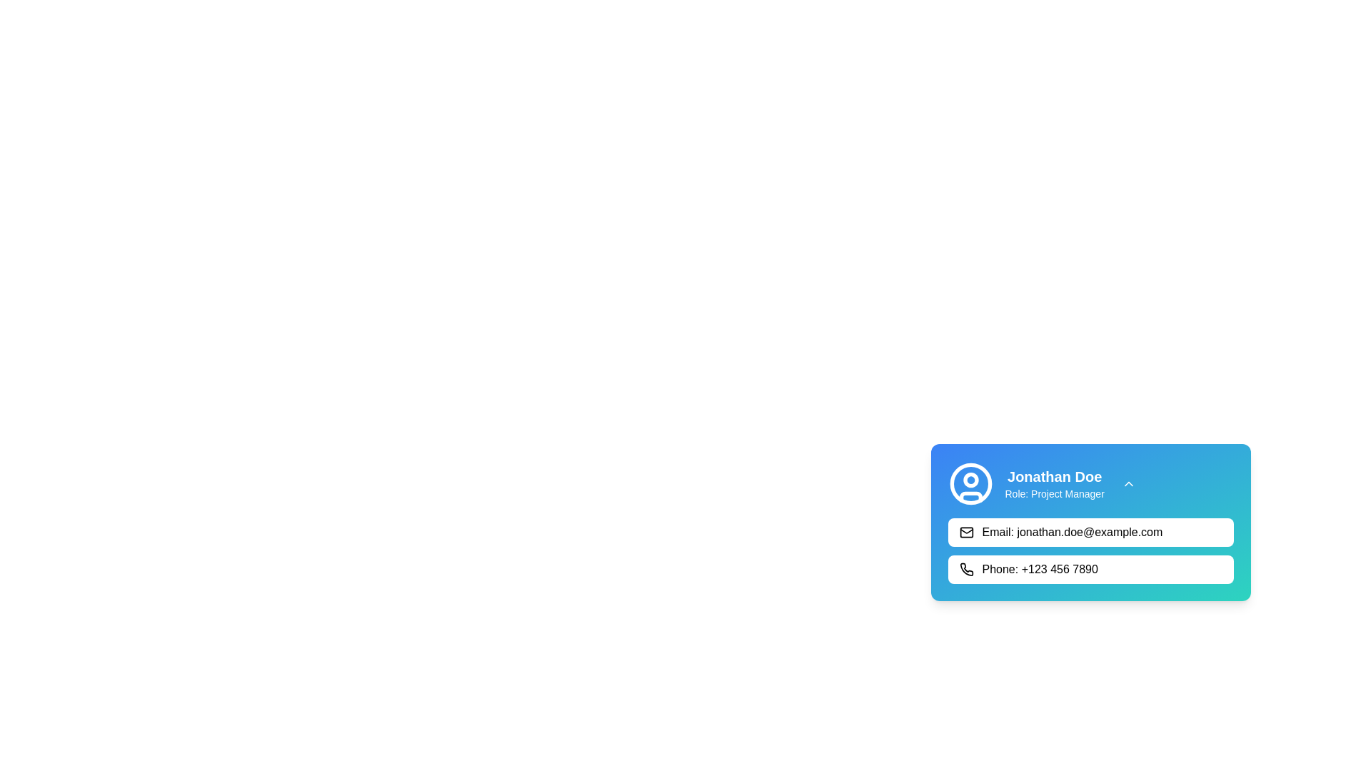  I want to click on the circular icon component located in the upper left corner of the user information card, so click(970, 480).